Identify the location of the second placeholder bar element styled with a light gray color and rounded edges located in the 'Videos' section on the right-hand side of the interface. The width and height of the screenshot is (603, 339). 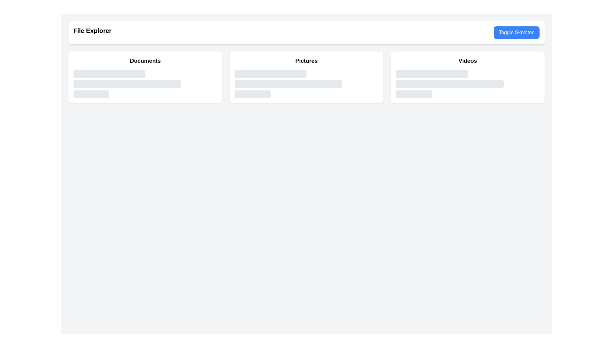
(449, 83).